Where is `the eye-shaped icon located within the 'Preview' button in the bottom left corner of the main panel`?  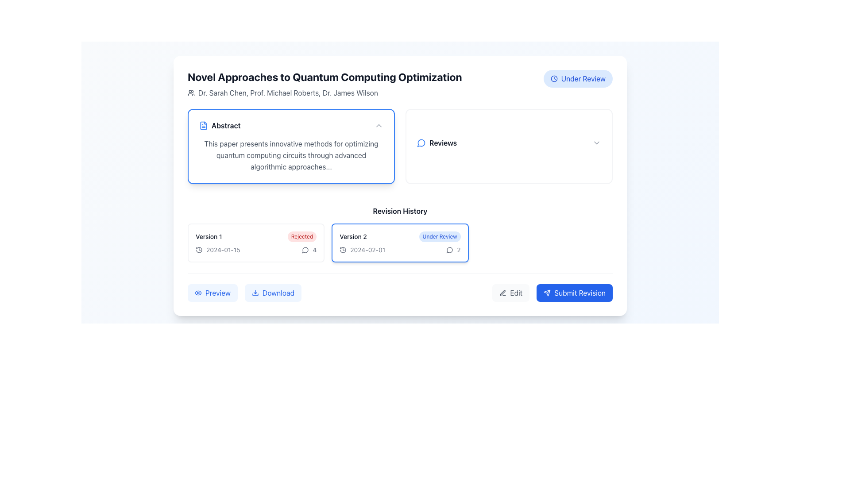 the eye-shaped icon located within the 'Preview' button in the bottom left corner of the main panel is located at coordinates (197, 293).